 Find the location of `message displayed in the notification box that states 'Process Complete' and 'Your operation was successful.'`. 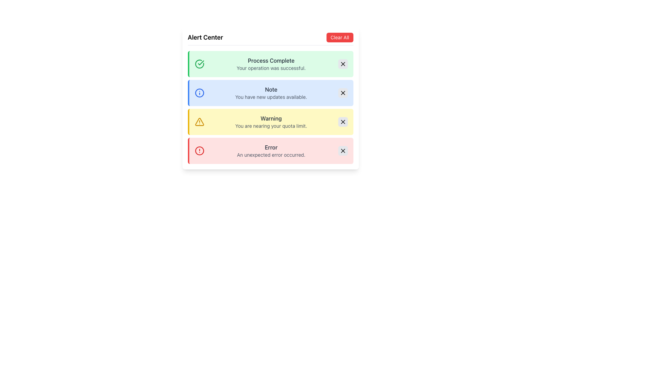

message displayed in the notification box that states 'Process Complete' and 'Your operation was successful.' is located at coordinates (271, 64).